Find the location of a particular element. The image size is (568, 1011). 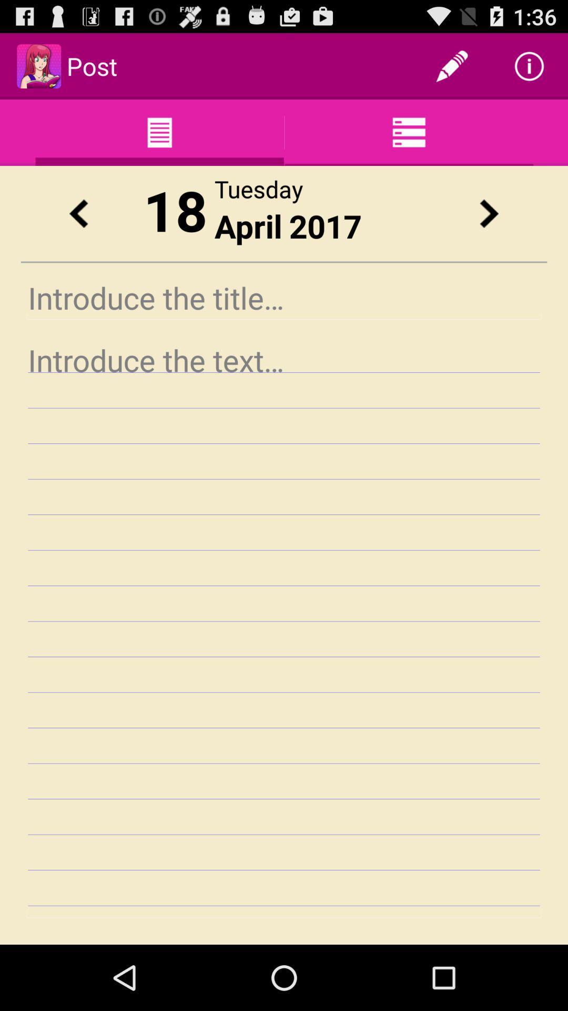

the arrow_forward icon is located at coordinates (489, 228).